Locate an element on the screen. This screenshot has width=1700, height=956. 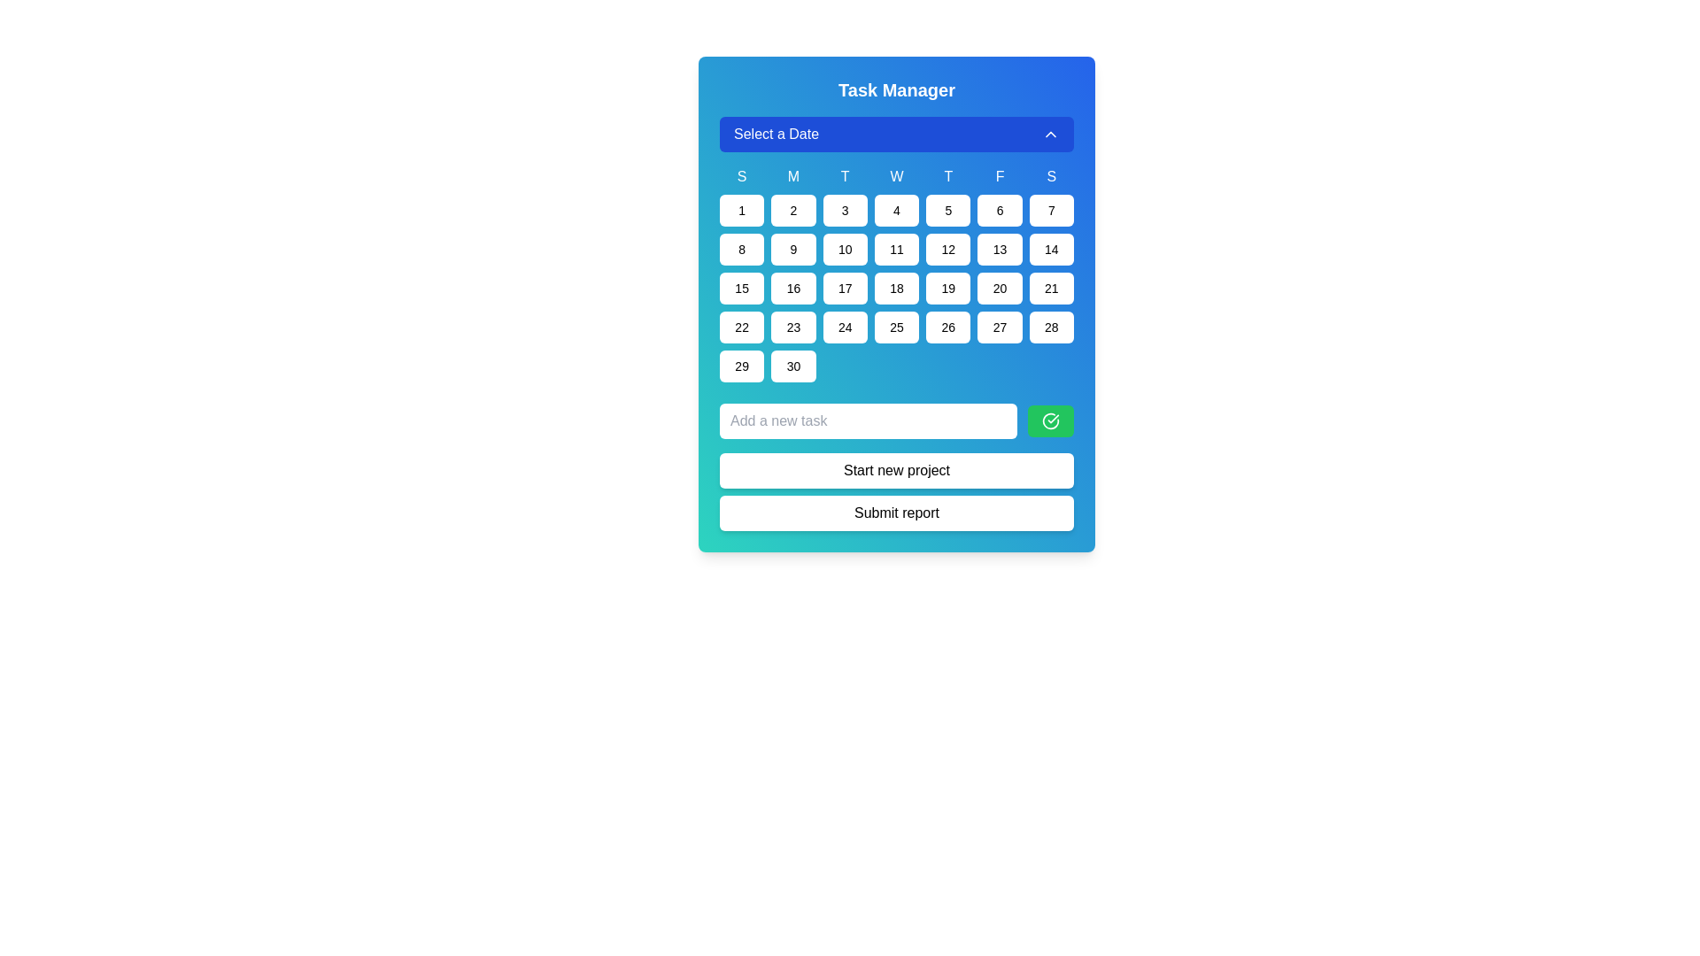
the rounded rectangular button labeled '28' to change its background color to green is located at coordinates (1051, 328).